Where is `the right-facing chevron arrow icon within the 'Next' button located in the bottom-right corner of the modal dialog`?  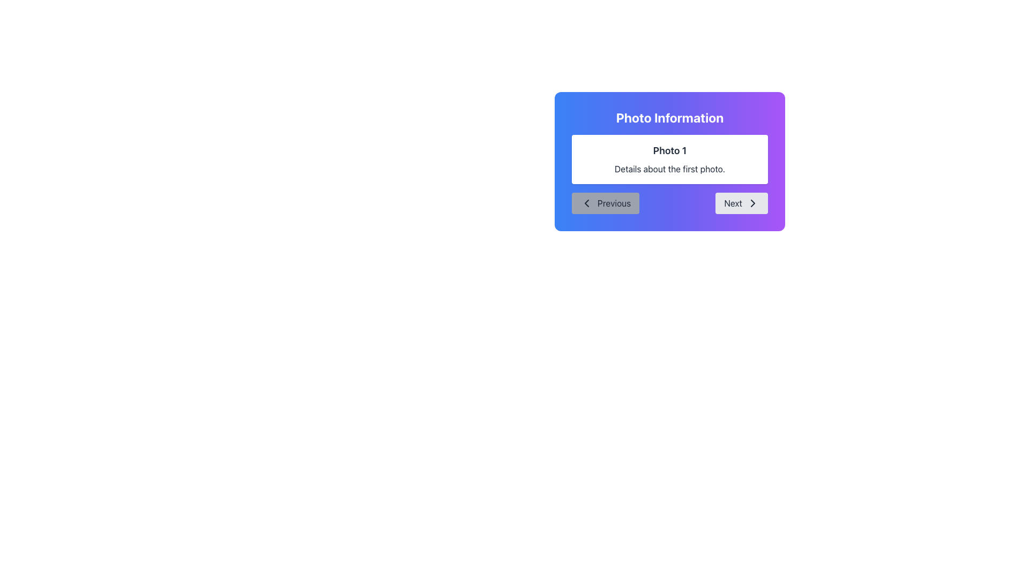
the right-facing chevron arrow icon within the 'Next' button located in the bottom-right corner of the modal dialog is located at coordinates (752, 203).